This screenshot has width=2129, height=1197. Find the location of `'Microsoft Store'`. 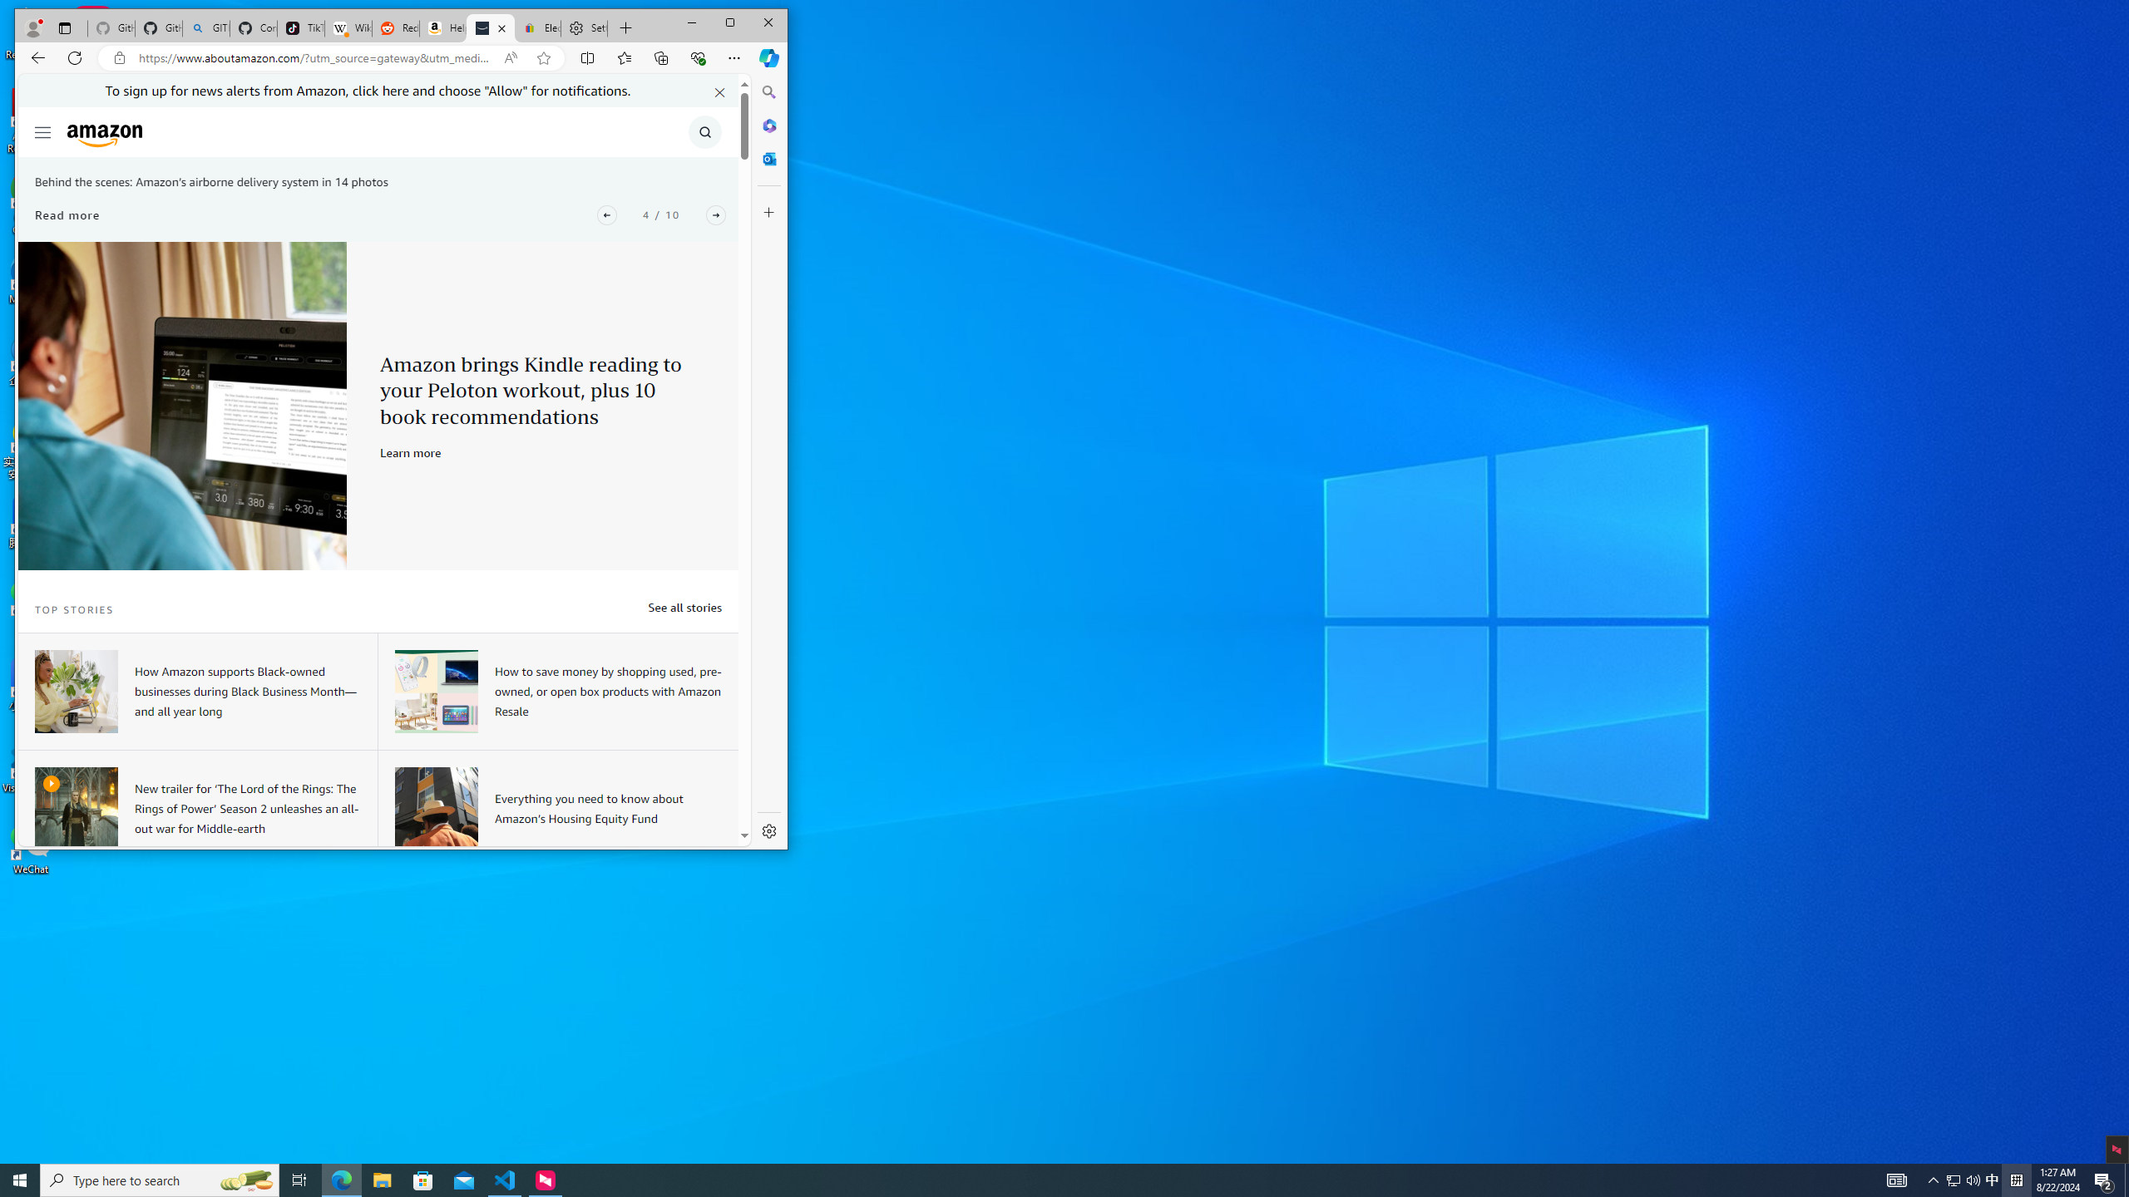

'Microsoft Store' is located at coordinates (423, 1179).